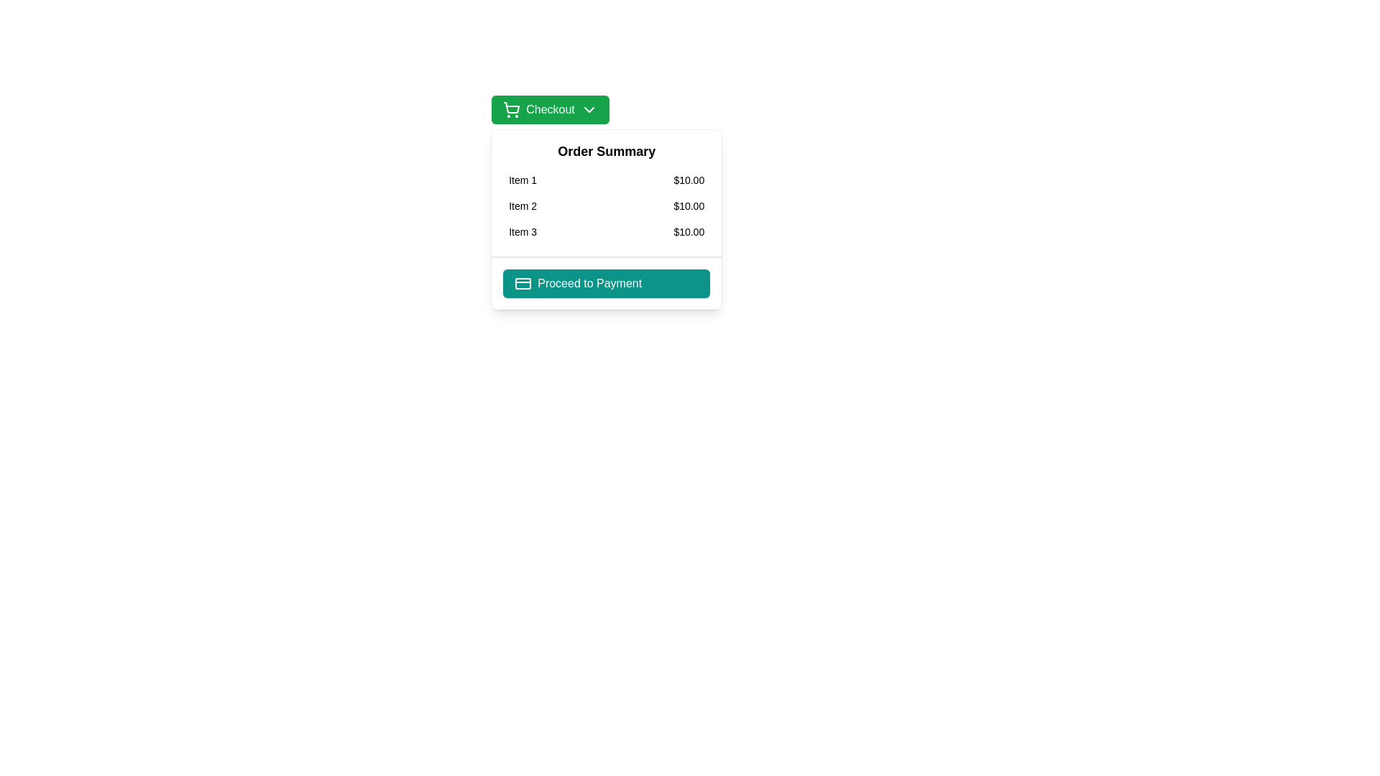  Describe the element at coordinates (607, 205) in the screenshot. I see `the second order line item` at that location.